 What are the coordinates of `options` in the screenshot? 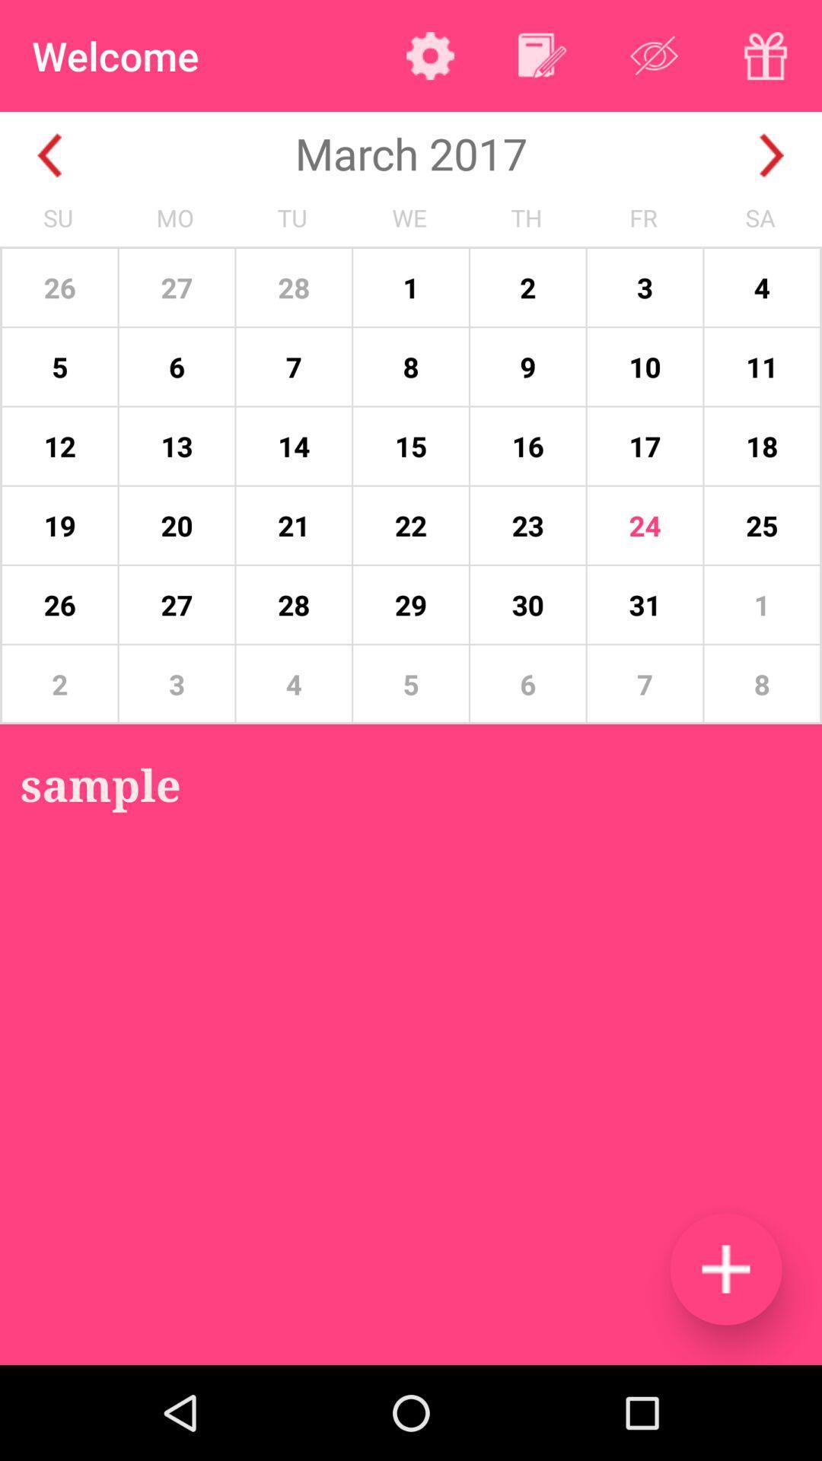 It's located at (430, 56).